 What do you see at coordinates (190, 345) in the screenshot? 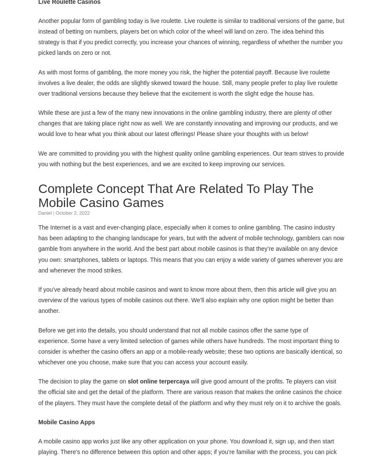
I see `'Before we get into the details, you should understand that not all mobile casinos offer the same type of experience. Some have a very limited selection of games while others have hundreds. The most important thing to consider is whether the casino offers an app or a mobile-ready website; these two options are basically identical, so whichever one you choose, make sure that you can access your account easily.'` at bounding box center [190, 345].